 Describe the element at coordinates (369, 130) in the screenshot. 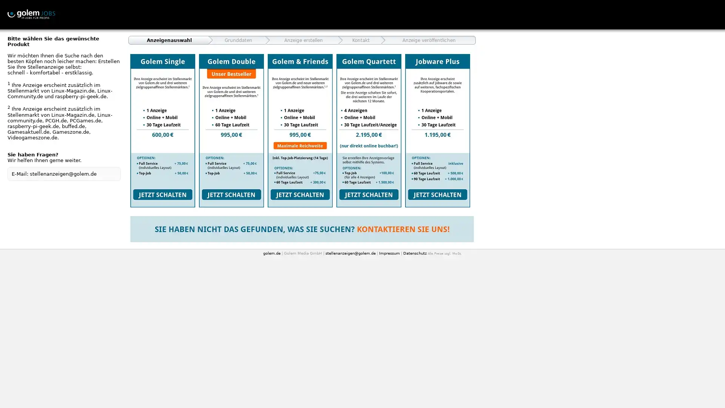

I see `Submit` at that location.